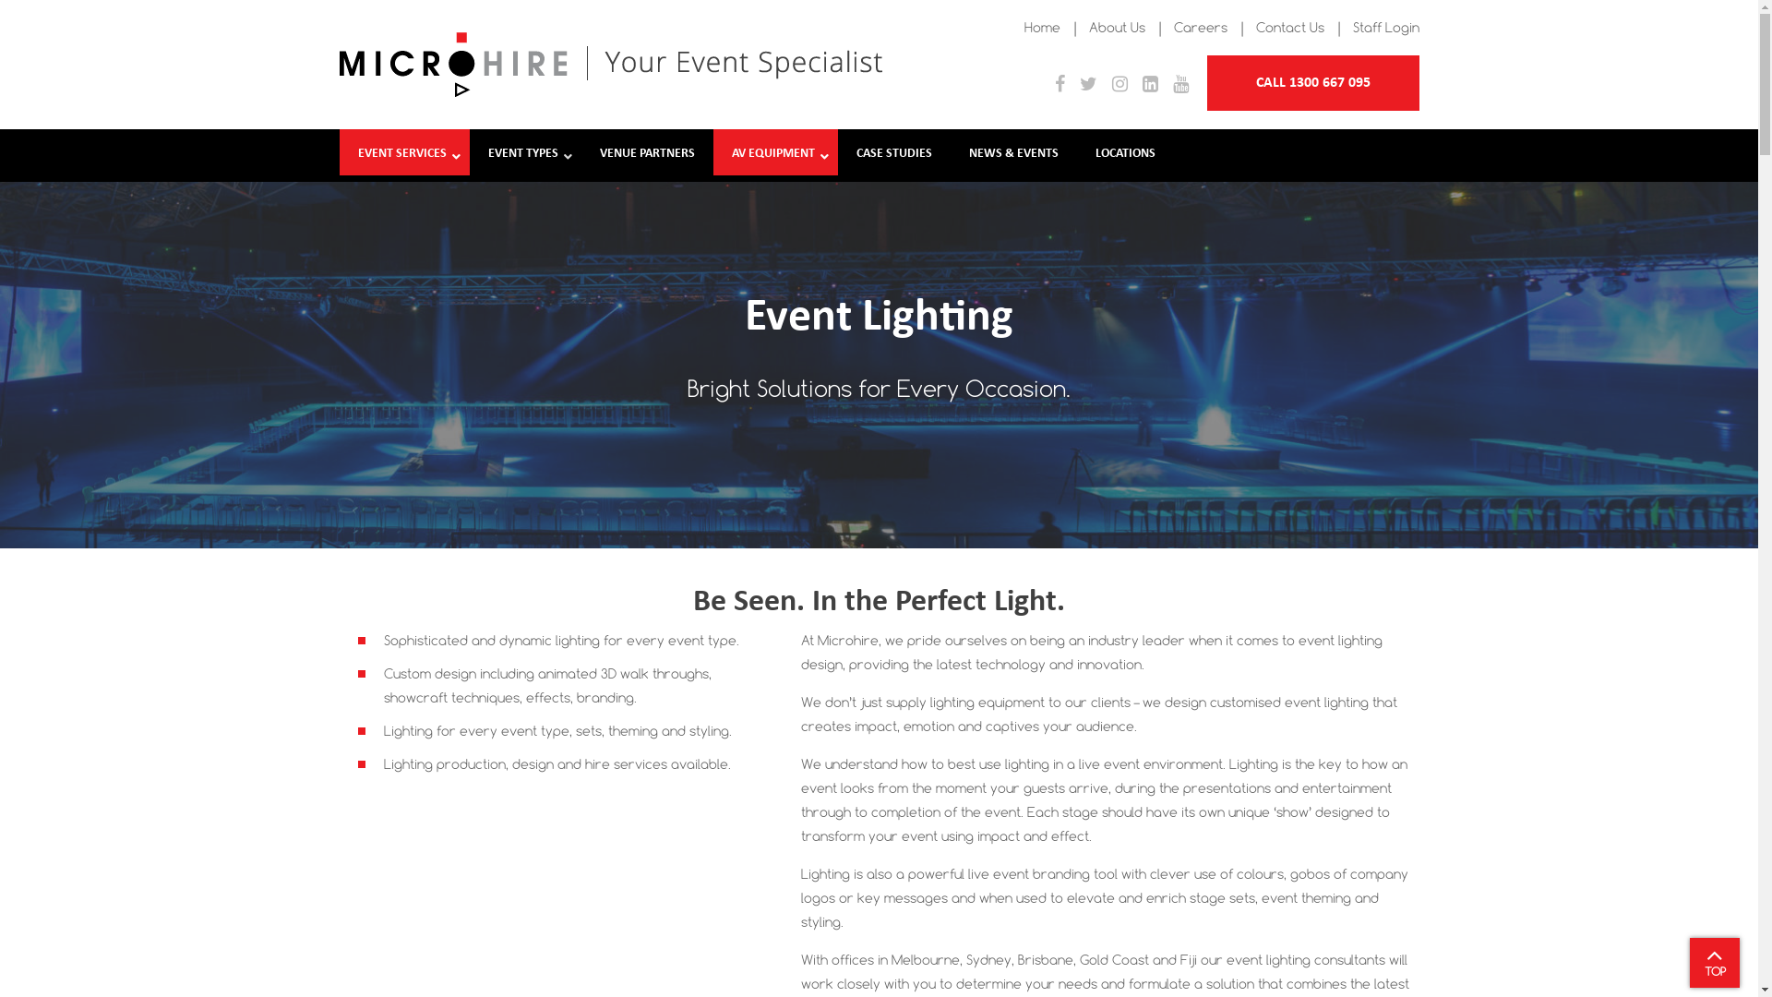 Image resolution: width=1772 pixels, height=997 pixels. What do you see at coordinates (1076, 154) in the screenshot?
I see `'LOCATIONS'` at bounding box center [1076, 154].